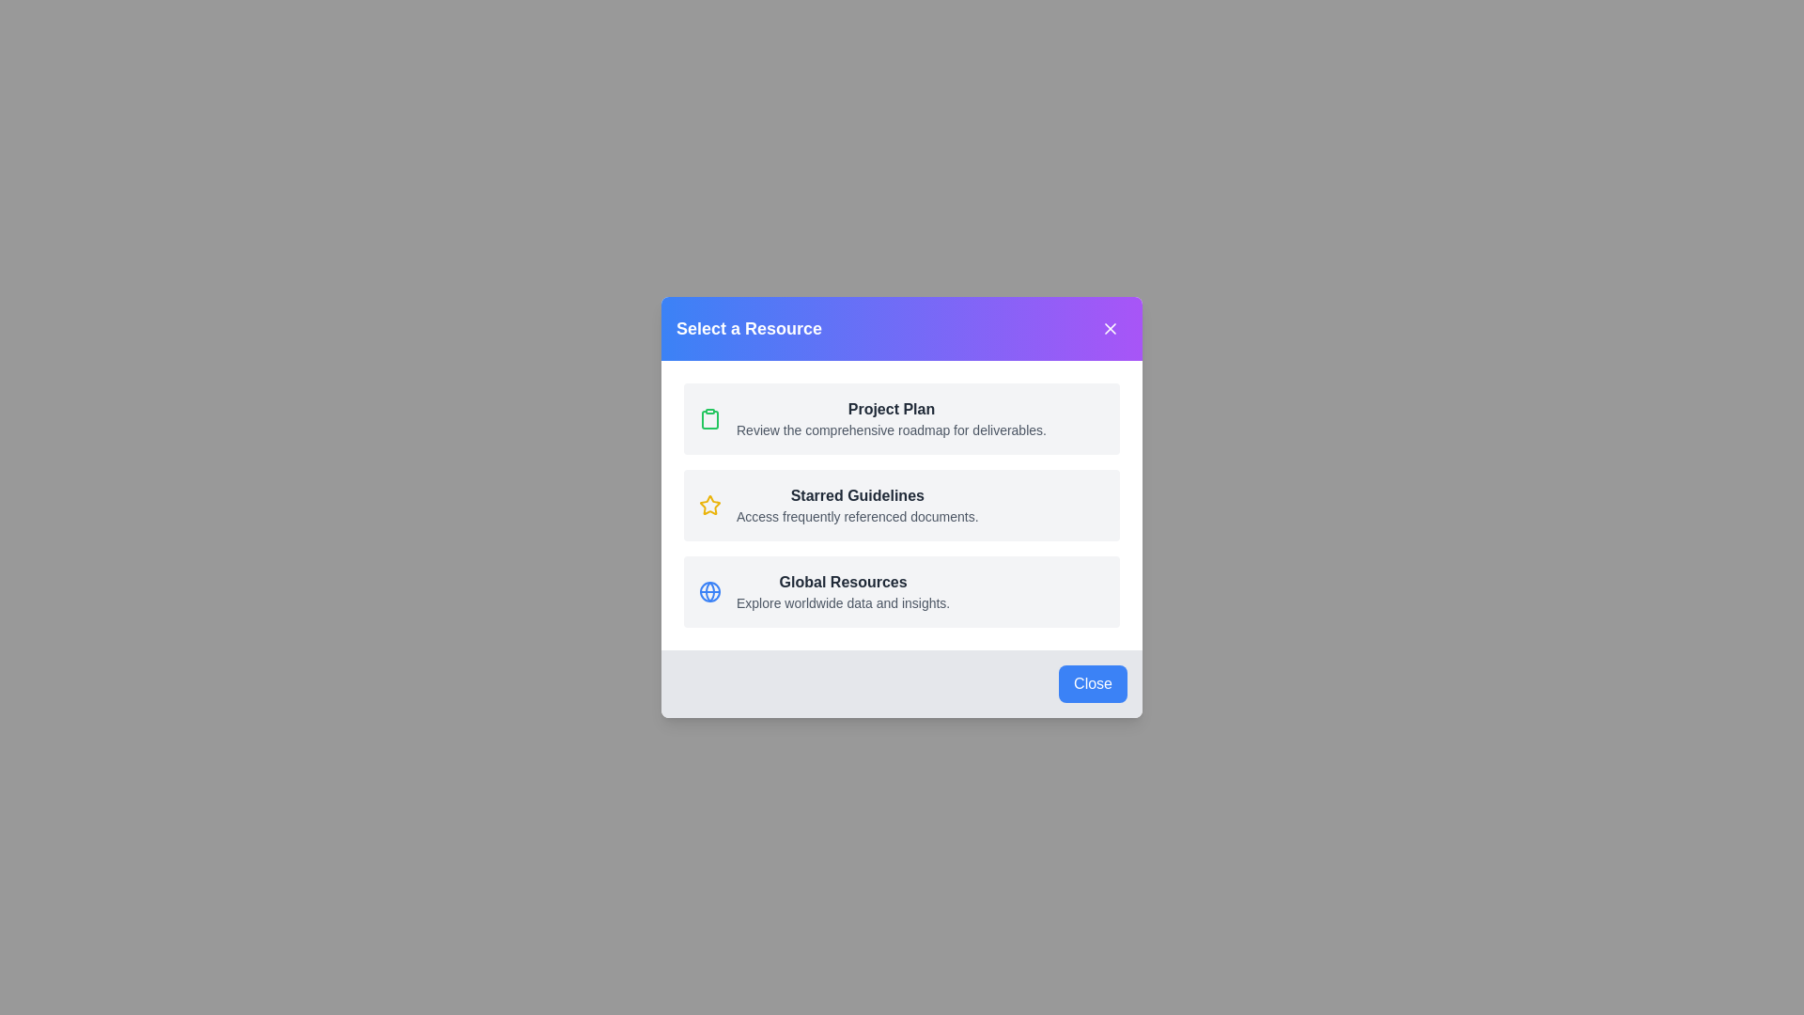 The height and width of the screenshot is (1015, 1804). What do you see at coordinates (708, 590) in the screenshot?
I see `the icon for Global Resources` at bounding box center [708, 590].